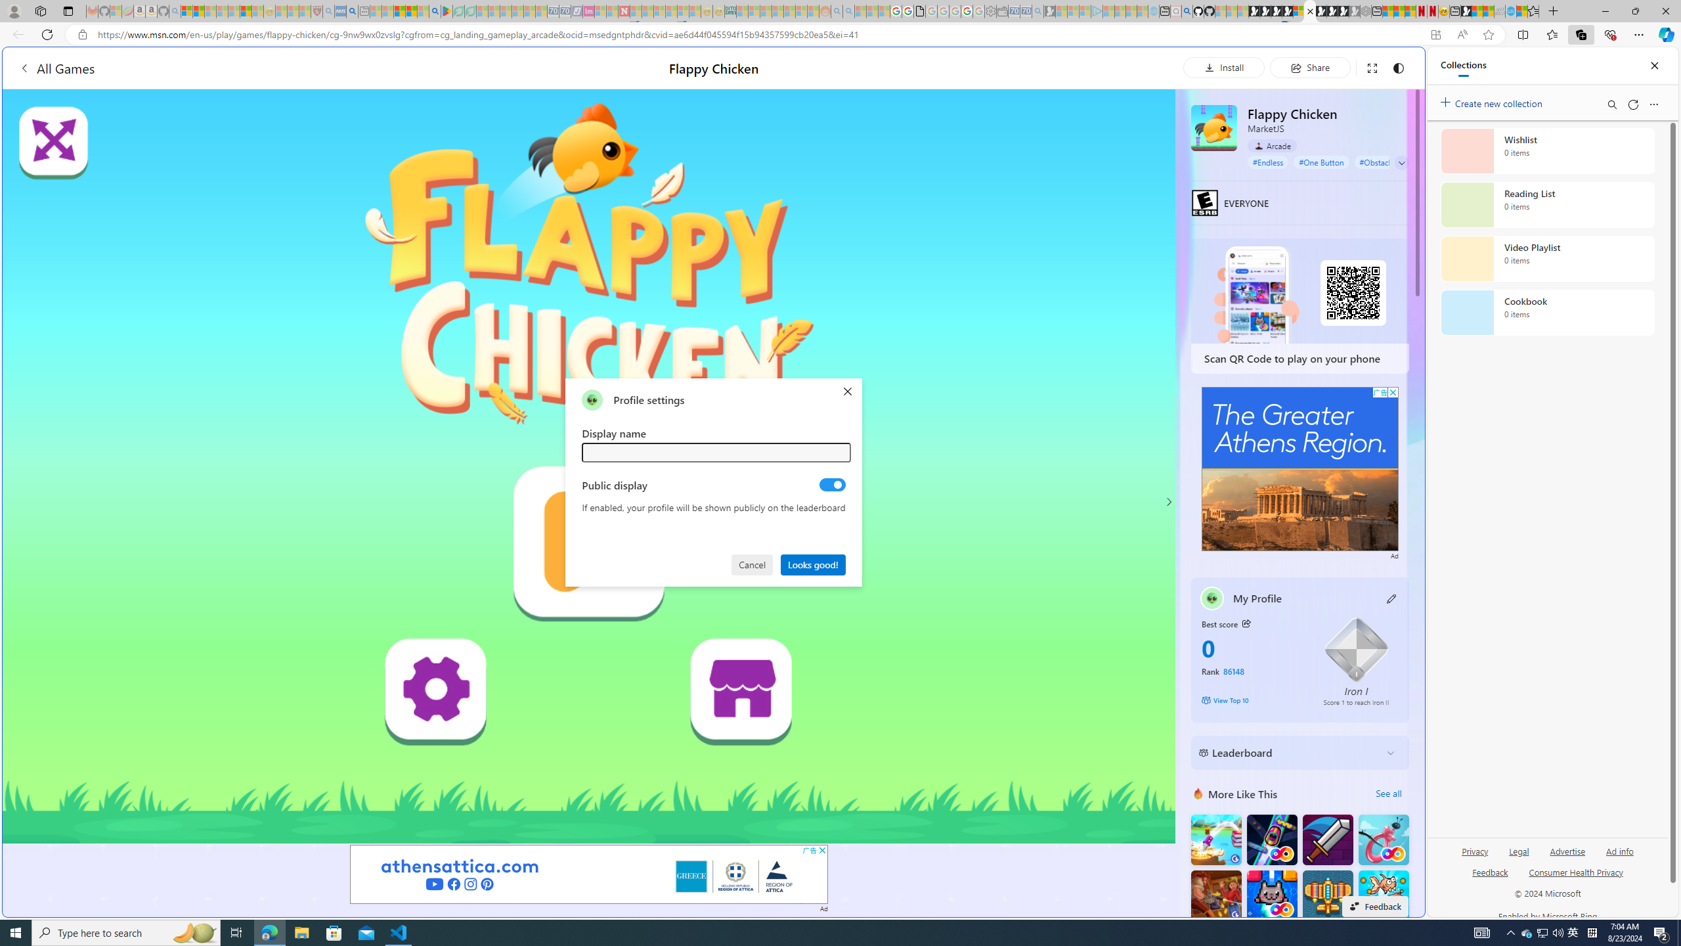  What do you see at coordinates (1327, 840) in the screenshot?
I see `'Dungeon Master Knight'` at bounding box center [1327, 840].